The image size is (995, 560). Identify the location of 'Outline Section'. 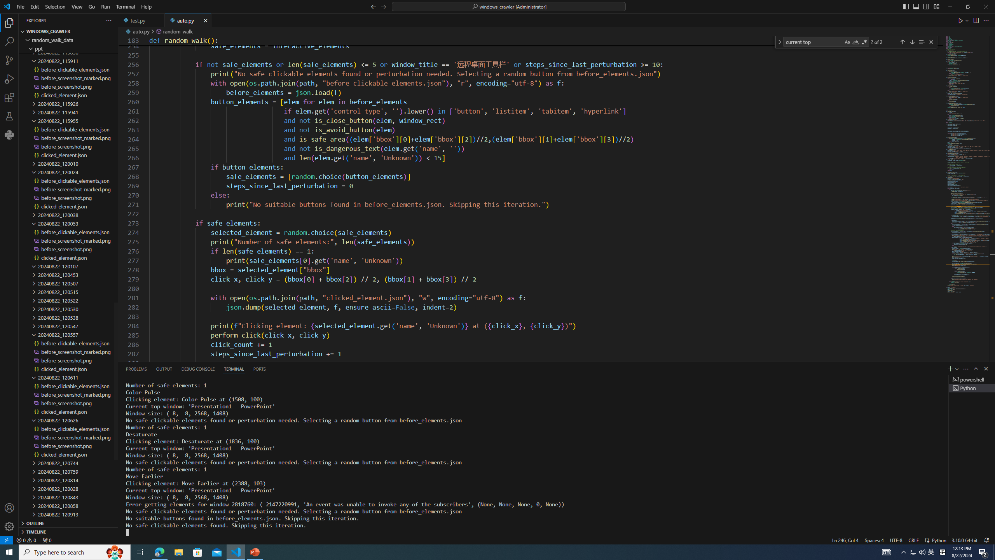
(68, 523).